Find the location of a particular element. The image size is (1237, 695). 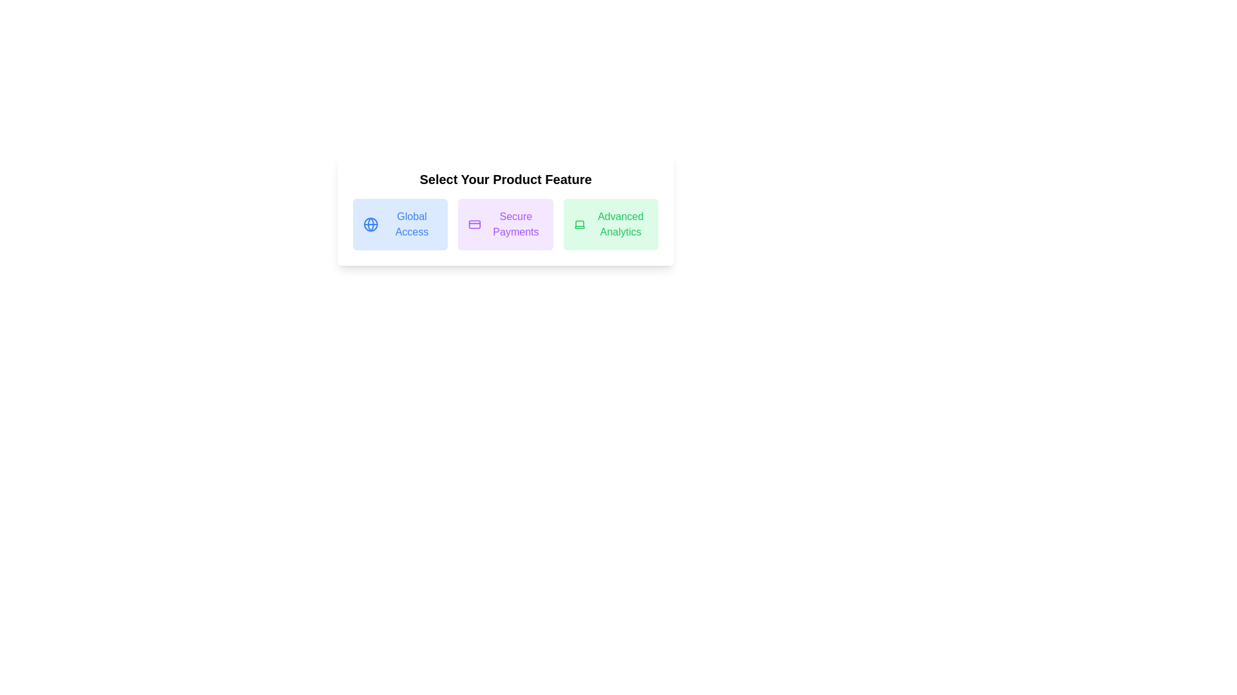

the static text element displaying 'Secure Payments' within its purple-themed rectangular area is located at coordinates (515, 223).